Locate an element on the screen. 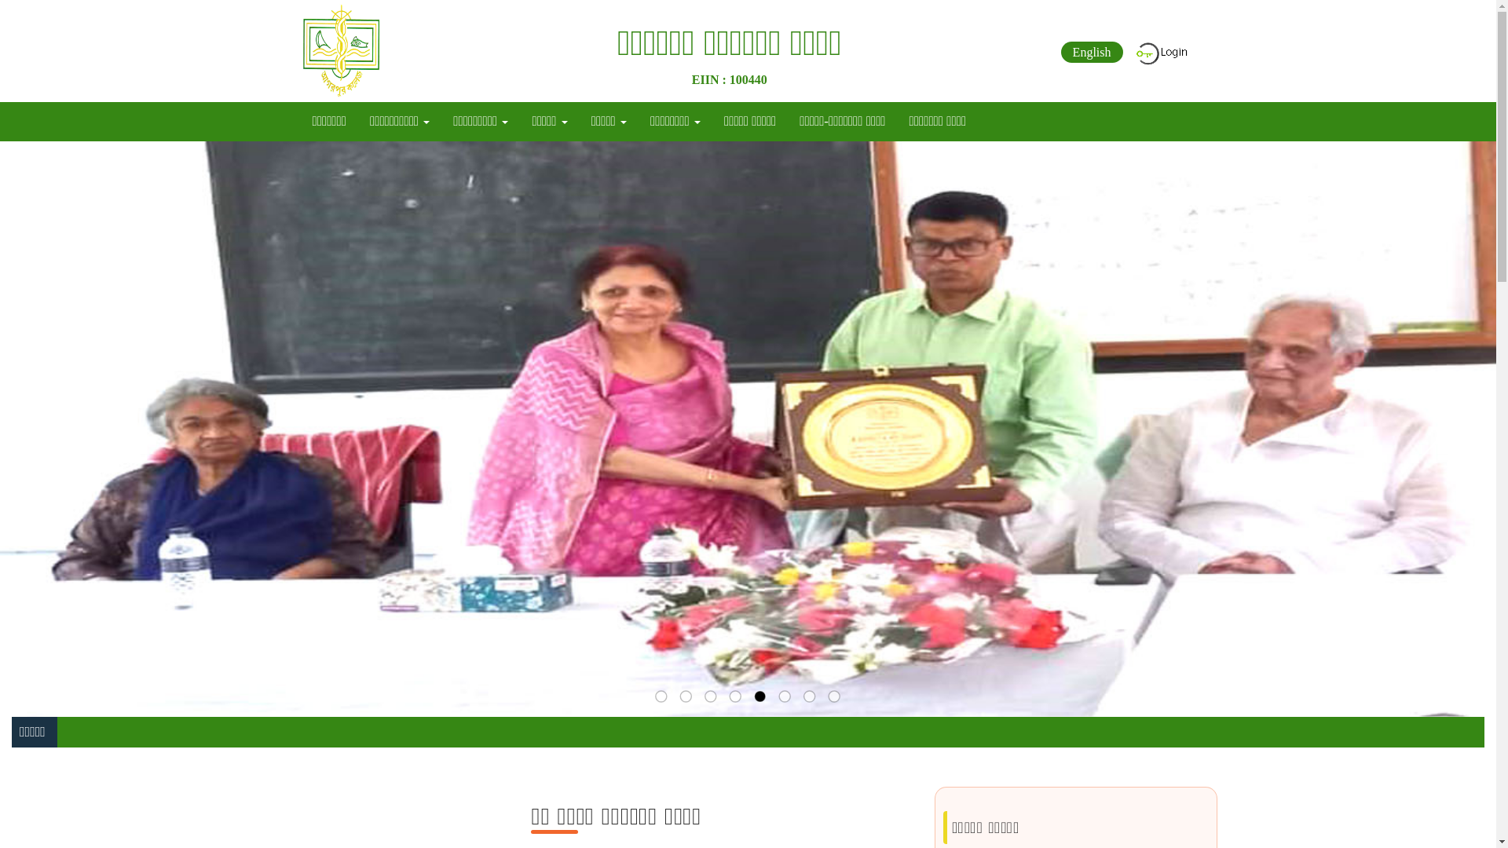 Image resolution: width=1508 pixels, height=848 pixels. 'English' is located at coordinates (1091, 51).